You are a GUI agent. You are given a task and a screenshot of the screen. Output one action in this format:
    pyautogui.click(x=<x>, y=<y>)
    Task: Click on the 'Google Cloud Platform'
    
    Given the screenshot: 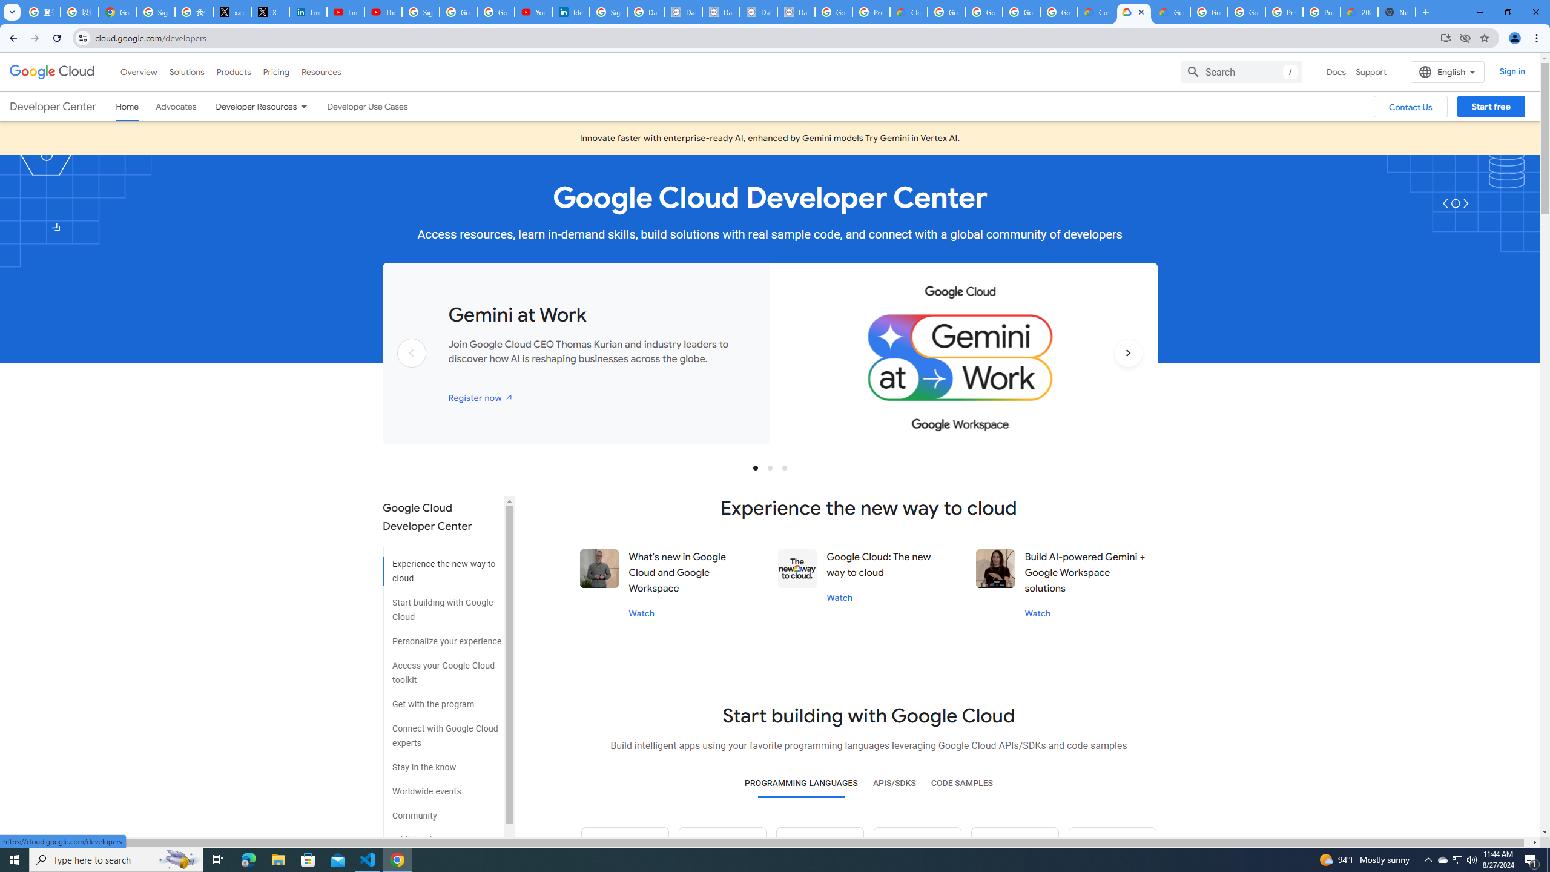 What is the action you would take?
    pyautogui.click(x=1209, y=12)
    